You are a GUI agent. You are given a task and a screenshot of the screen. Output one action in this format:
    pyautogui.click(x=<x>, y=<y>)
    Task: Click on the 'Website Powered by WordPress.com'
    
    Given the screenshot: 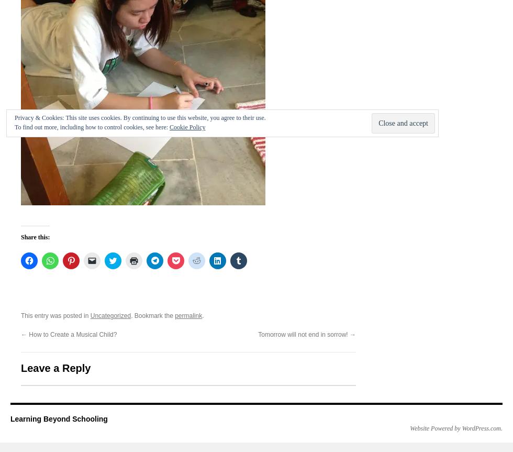 What is the action you would take?
    pyautogui.click(x=455, y=428)
    